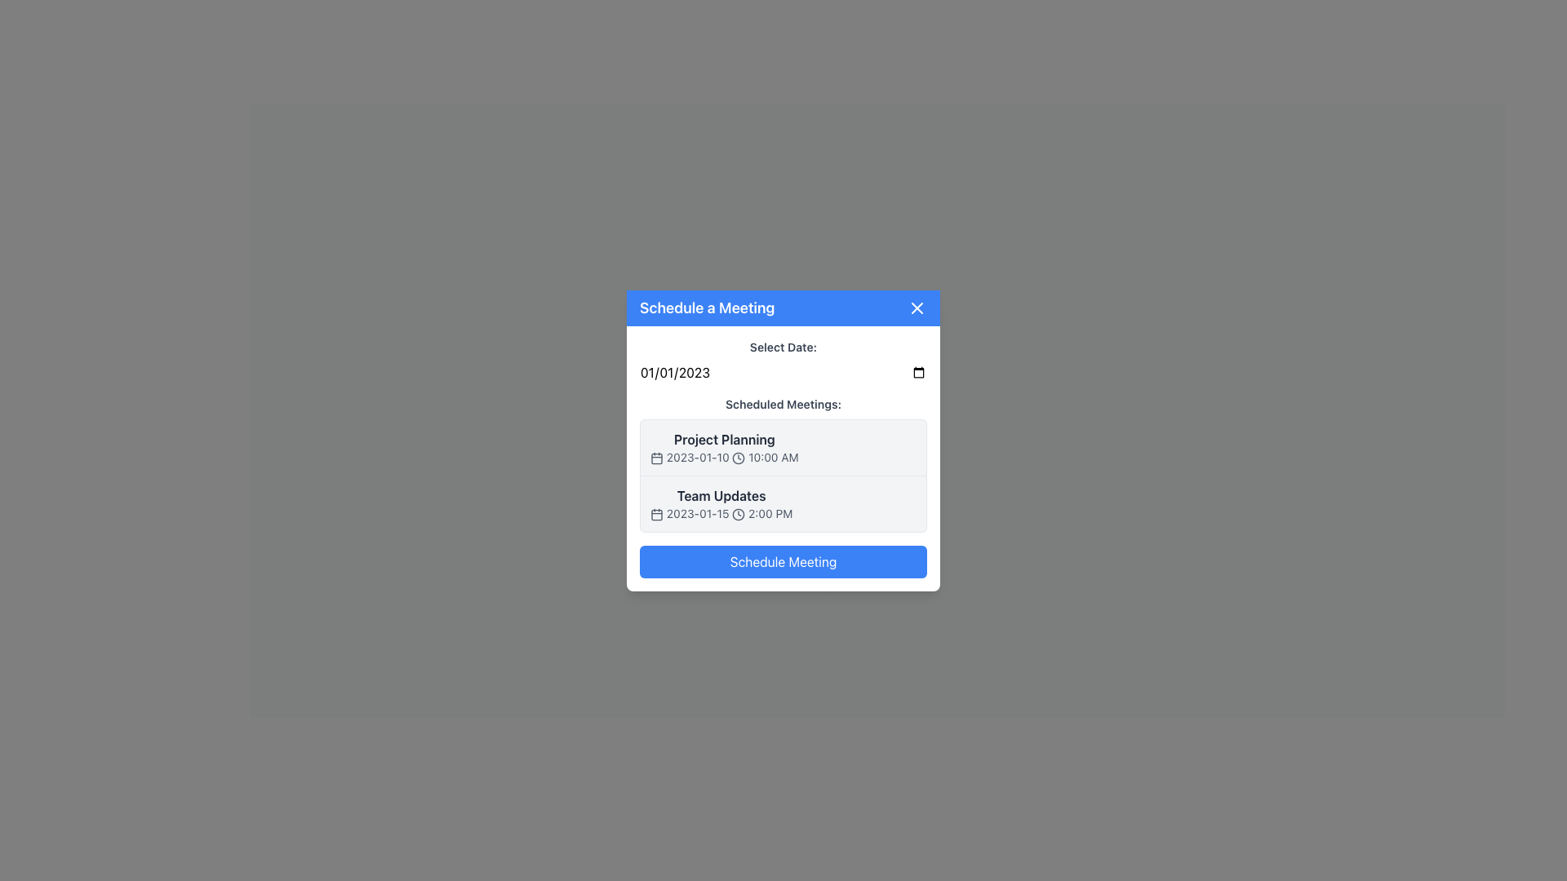  Describe the element at coordinates (707, 308) in the screenshot. I see `the text label that reads 'Schedule a Meeting', which is styled in bold font and large size, located in the blue header of the modal dialog` at that location.